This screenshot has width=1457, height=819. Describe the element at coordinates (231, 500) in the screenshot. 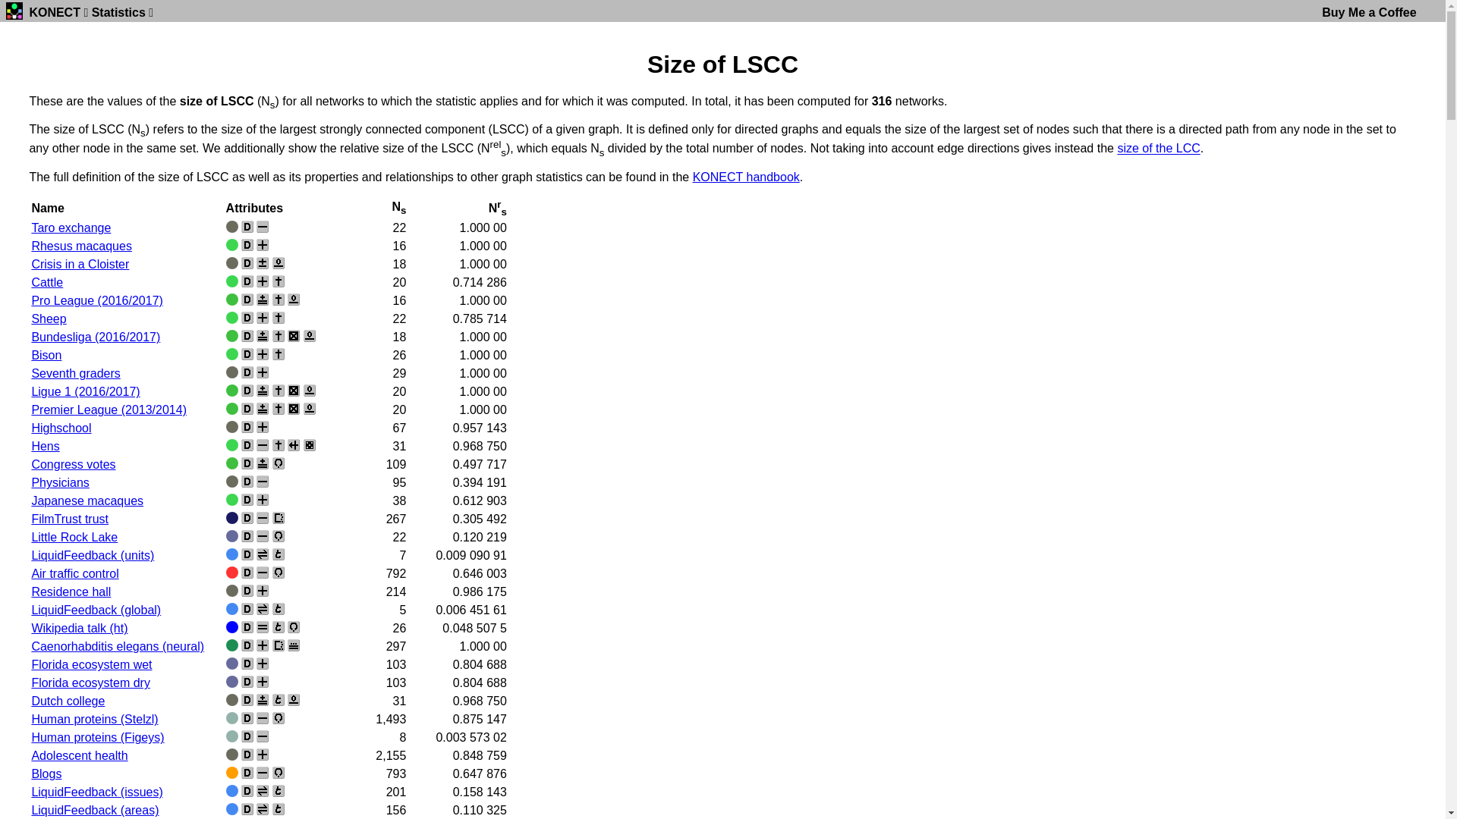

I see `'Animal network'` at that location.